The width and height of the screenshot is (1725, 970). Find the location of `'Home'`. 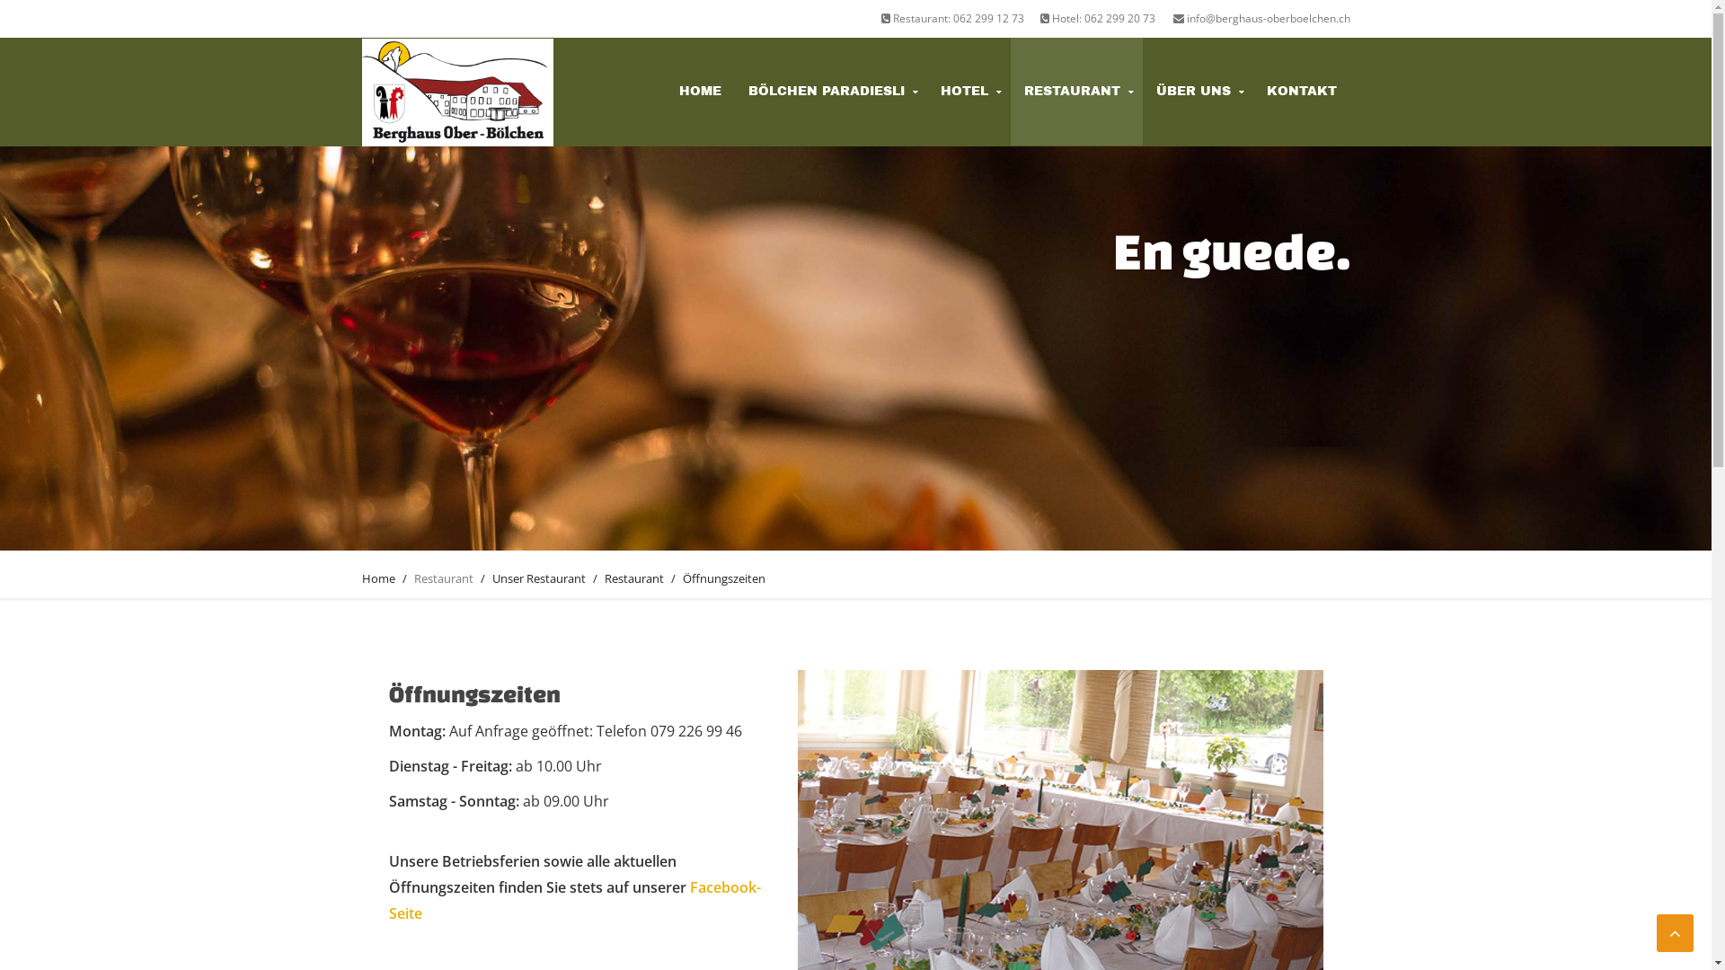

'Home' is located at coordinates (376, 578).